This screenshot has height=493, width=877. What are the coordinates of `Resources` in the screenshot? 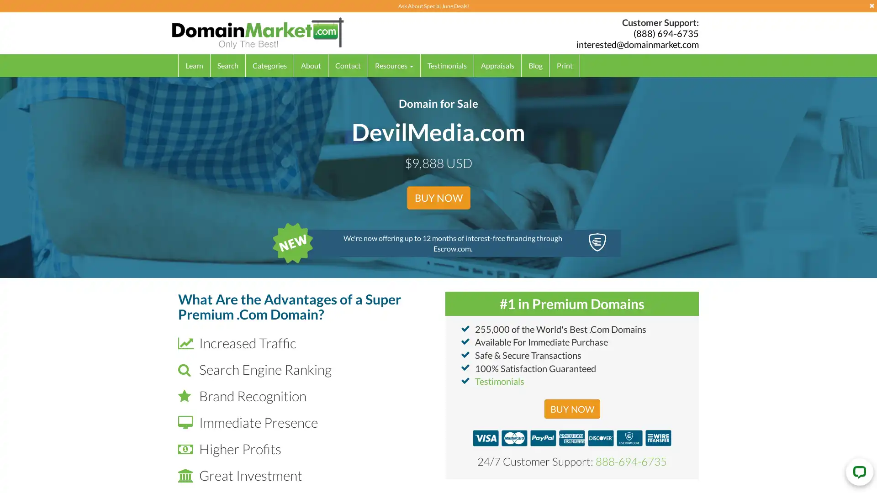 It's located at (394, 65).